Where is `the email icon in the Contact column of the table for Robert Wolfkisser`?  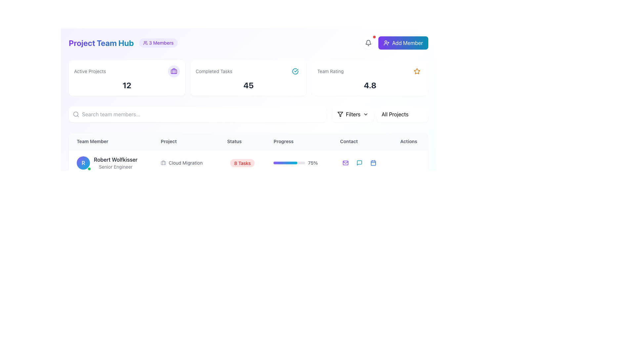 the email icon in the Contact column of the table for Robert Wolfkisser is located at coordinates (345, 163).